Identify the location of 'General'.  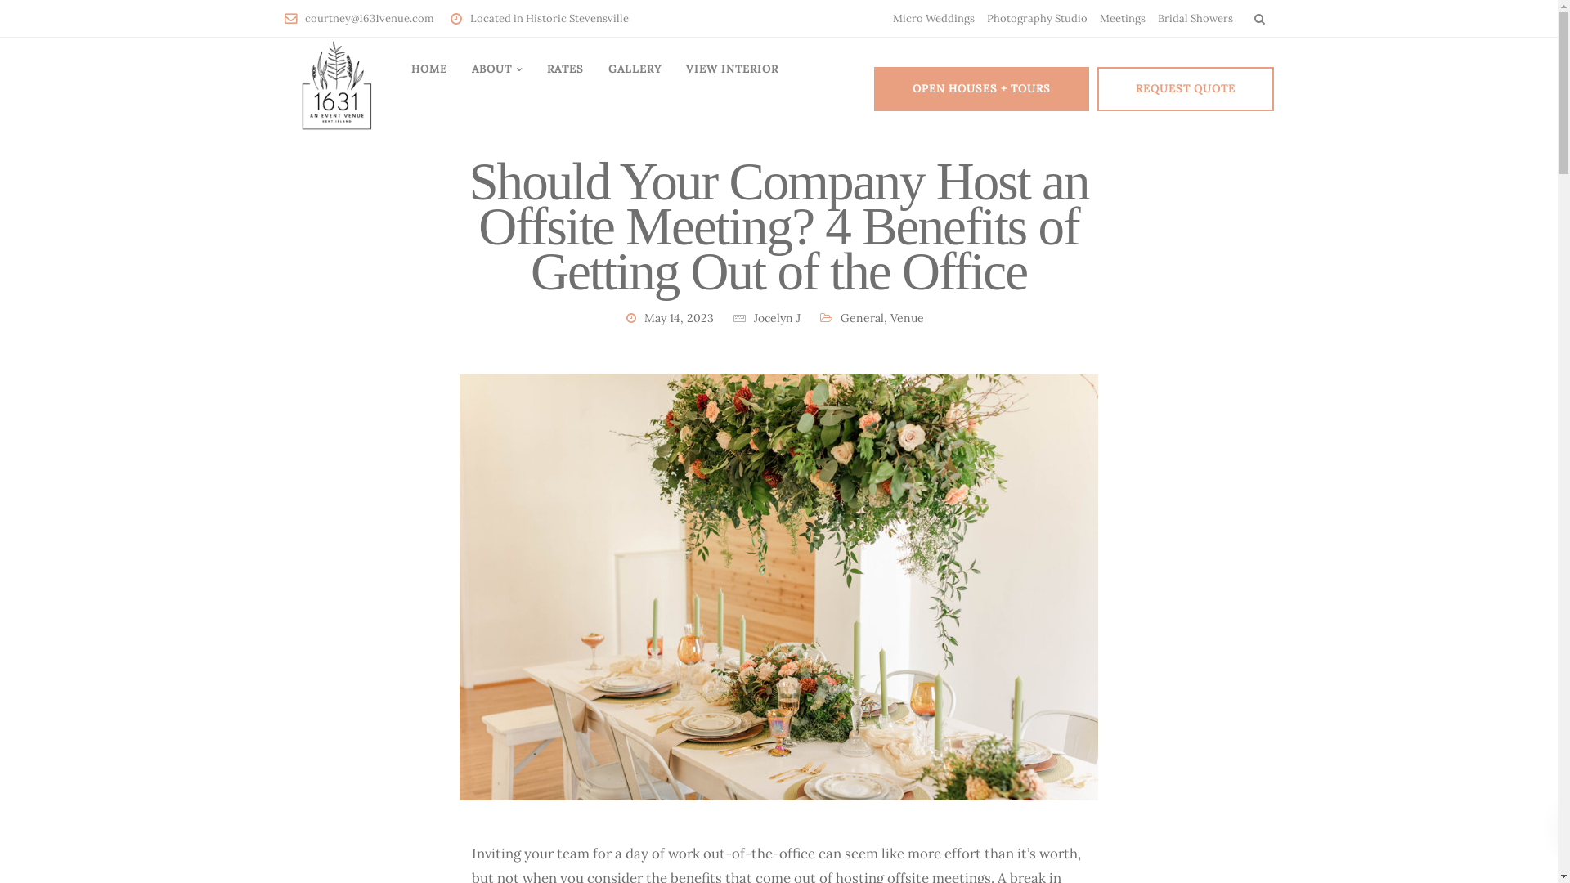
(861, 318).